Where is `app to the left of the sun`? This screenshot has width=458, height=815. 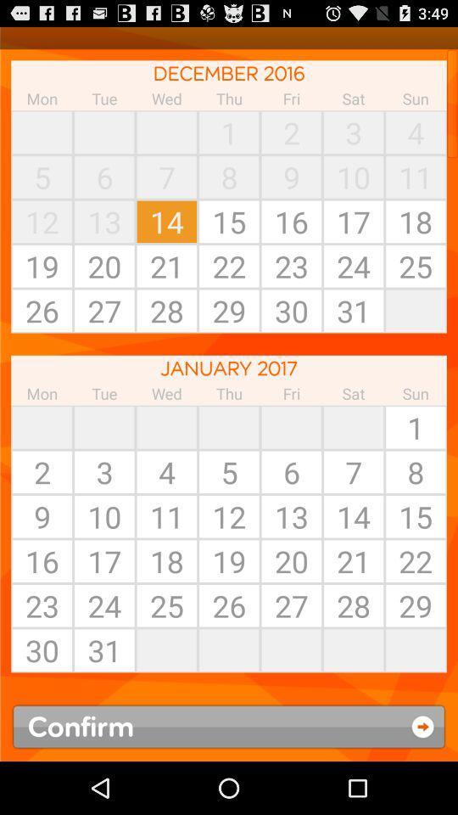 app to the left of the sun is located at coordinates (353, 426).